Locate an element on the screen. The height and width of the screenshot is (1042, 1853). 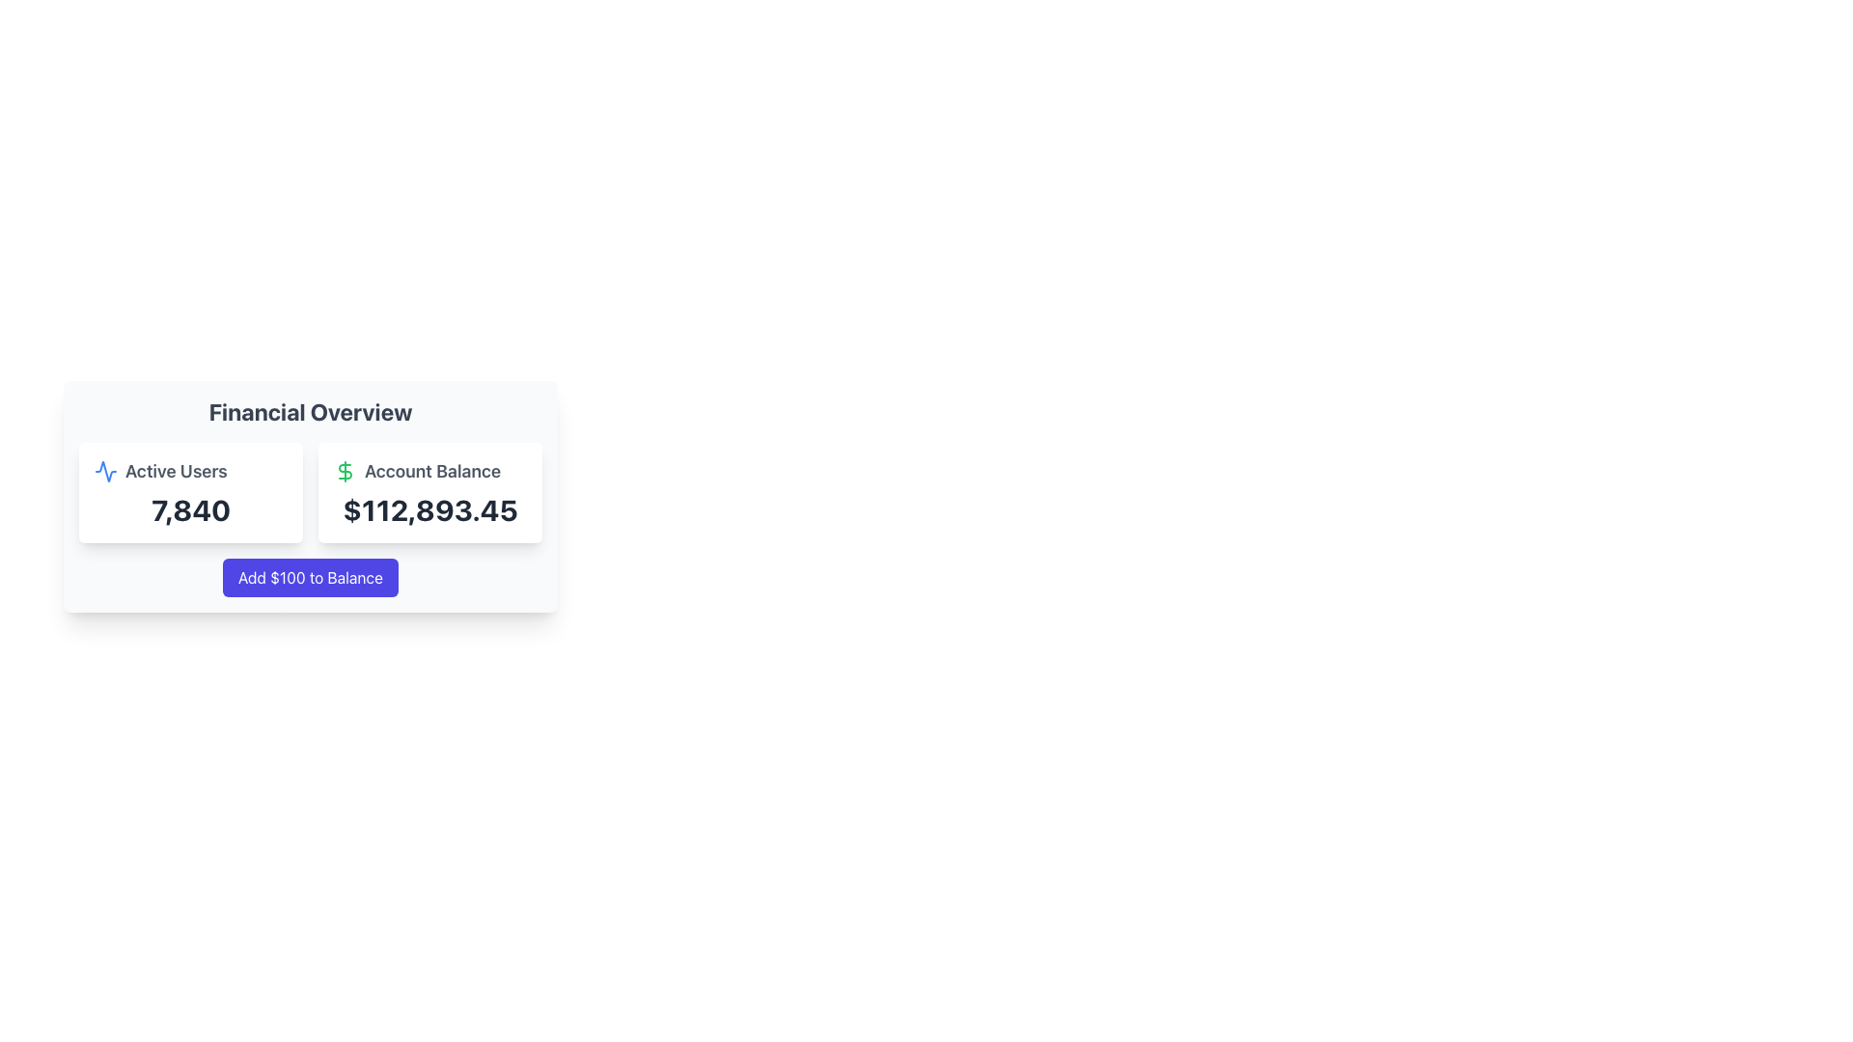
within the Data Display element that shows key metrics for active users and account balance to highlight it is located at coordinates (310, 491).